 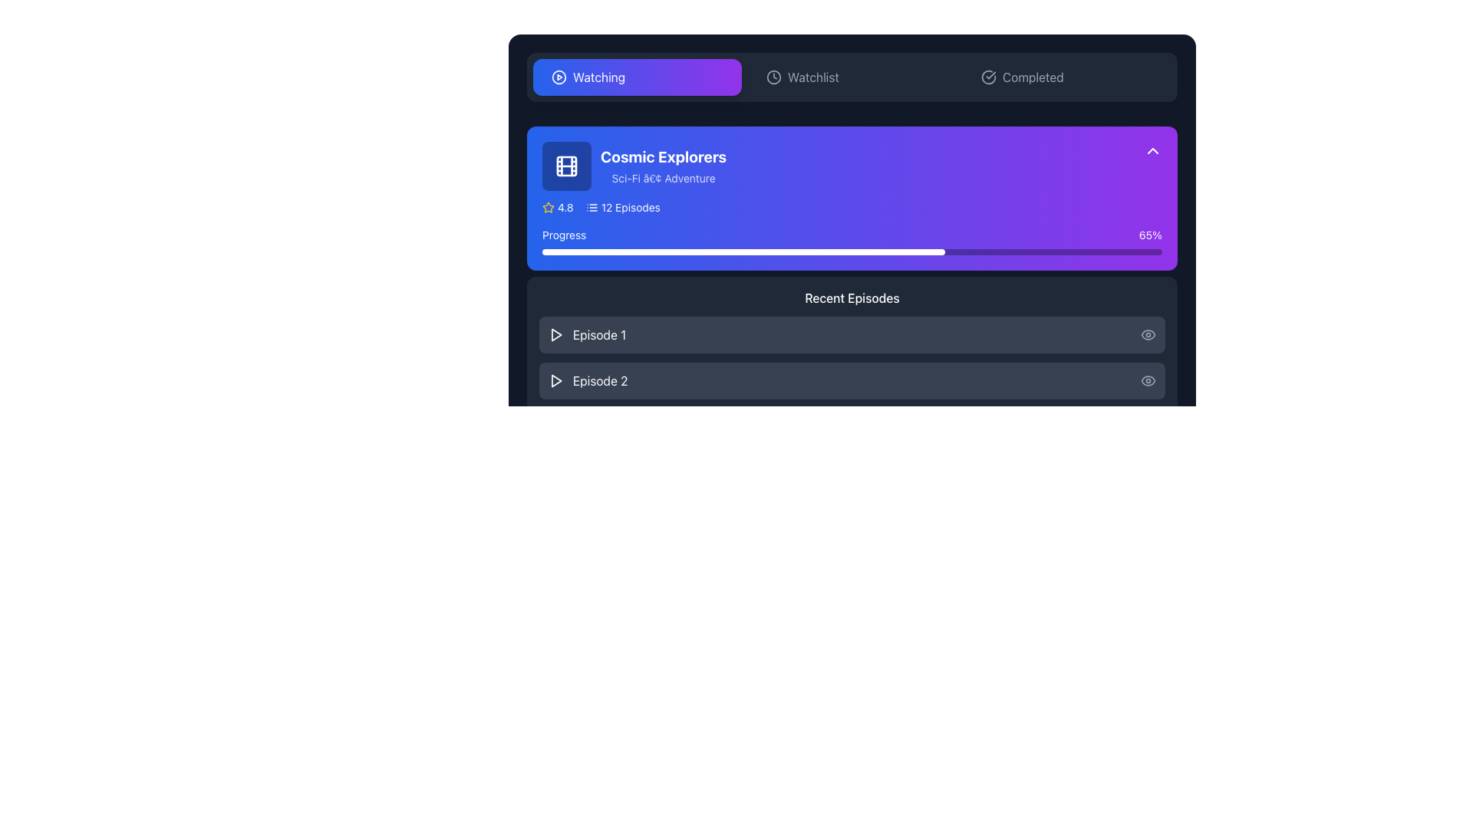 What do you see at coordinates (1148, 333) in the screenshot?
I see `the visibility icon resembling an eye located at the rightmost side of the 'Episode 1' row` at bounding box center [1148, 333].